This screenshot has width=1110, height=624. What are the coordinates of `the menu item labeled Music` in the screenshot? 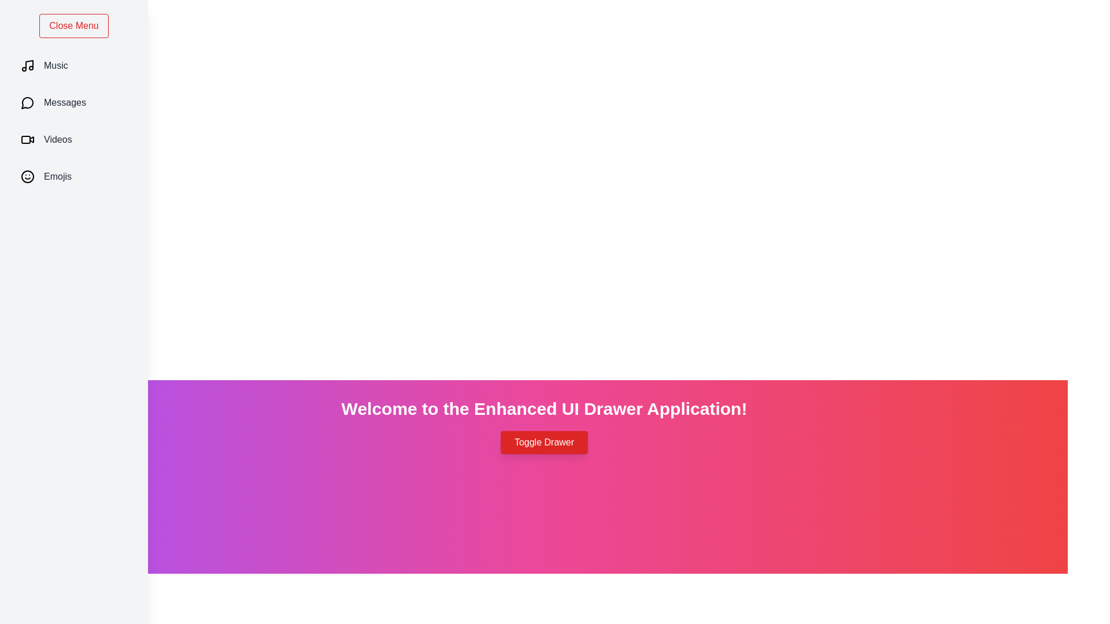 It's located at (73, 66).